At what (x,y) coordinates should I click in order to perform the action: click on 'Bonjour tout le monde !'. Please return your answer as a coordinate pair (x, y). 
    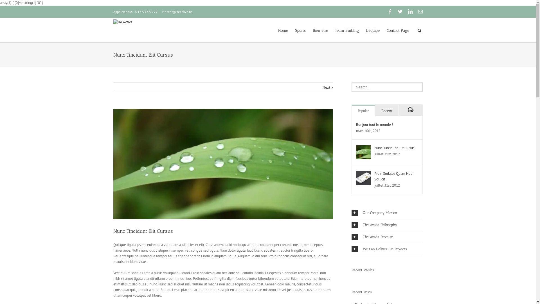
    Looking at the image, I should click on (374, 124).